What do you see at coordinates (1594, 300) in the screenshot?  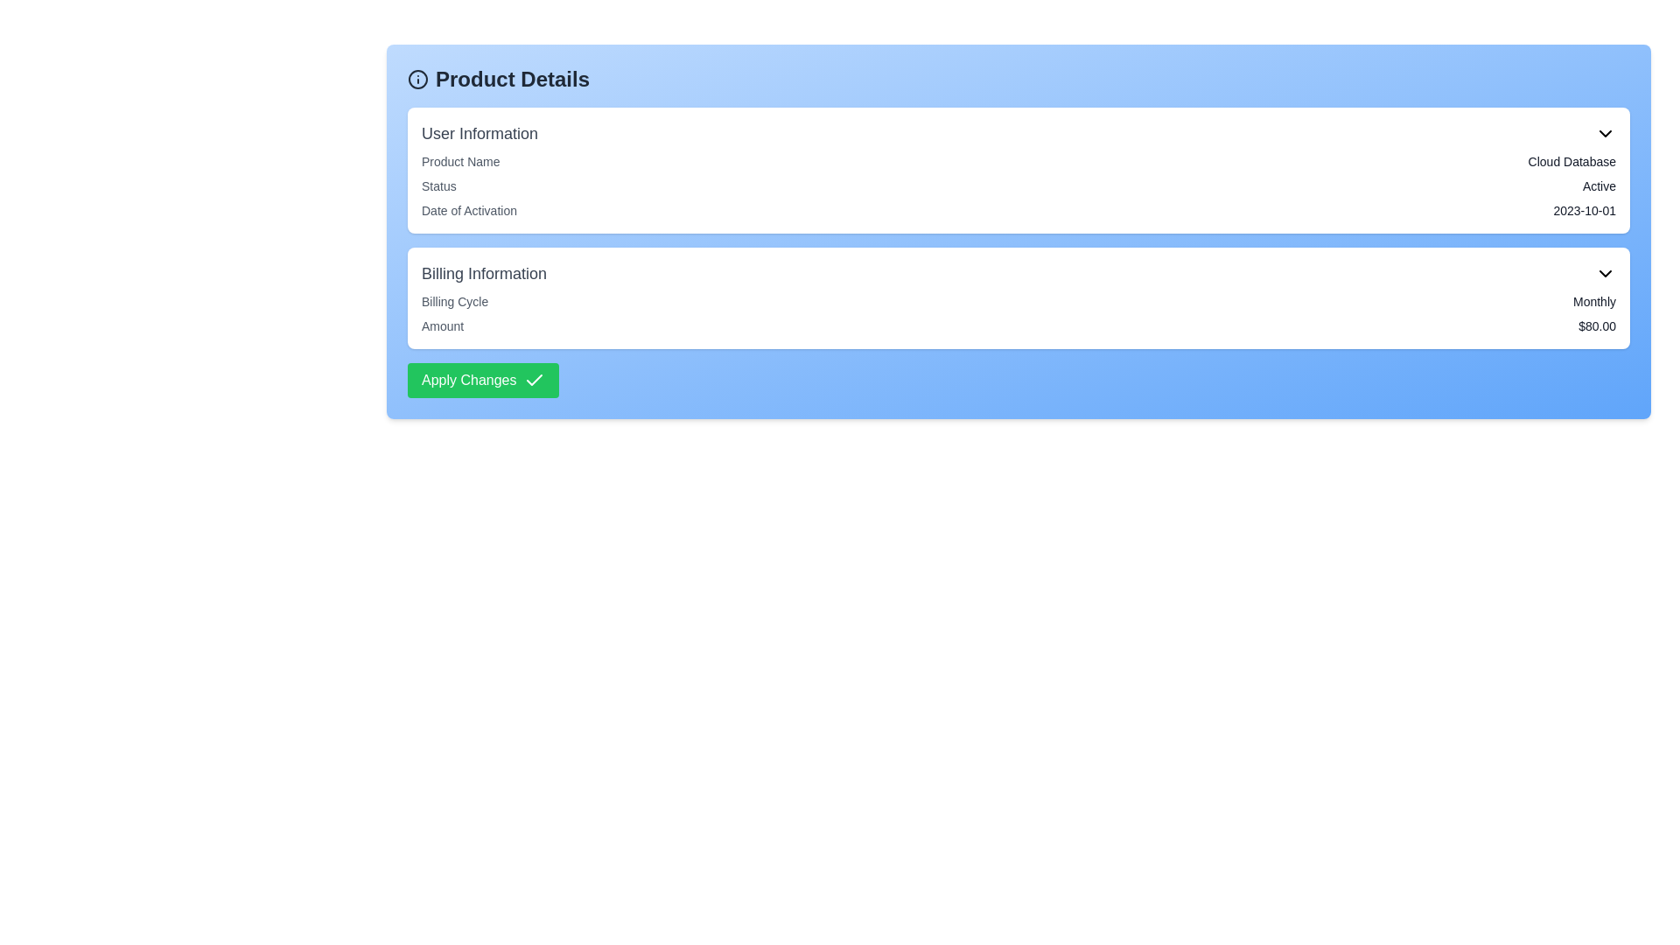 I see `the text display labeled 'Monthly' in the 'Billing Information' section, which is positioned to the right of the 'Billing Cycle' label` at bounding box center [1594, 300].